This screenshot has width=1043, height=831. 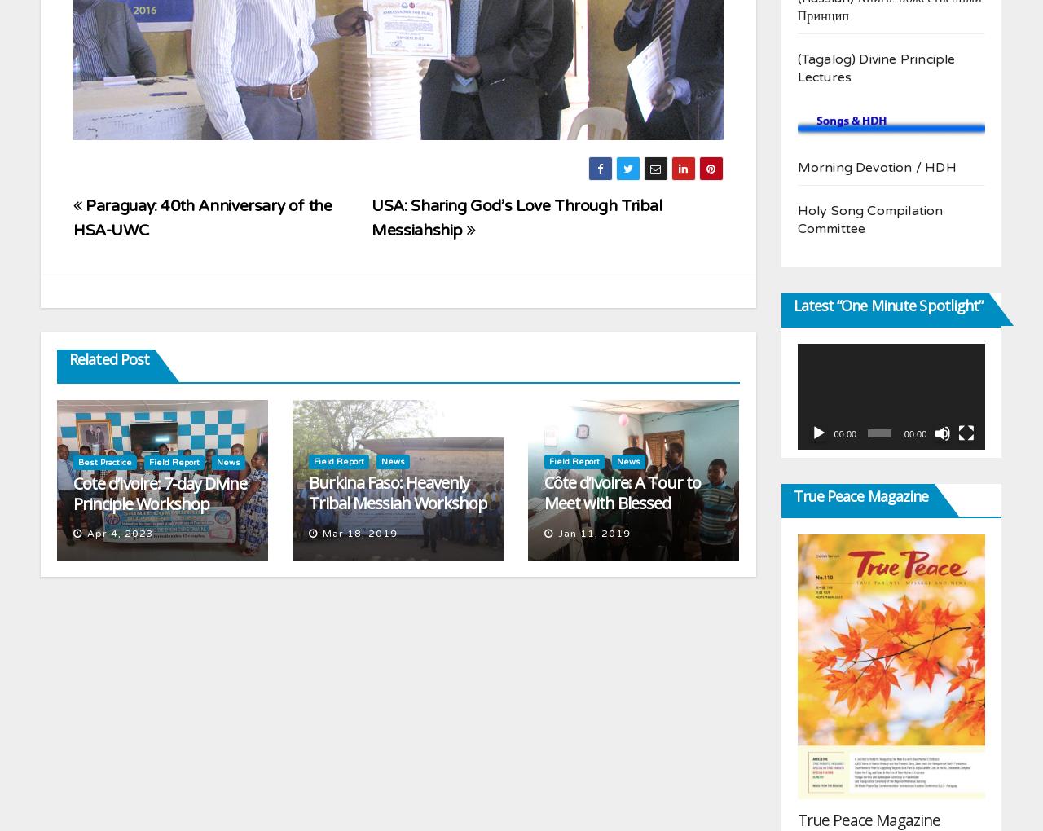 What do you see at coordinates (371, 216) in the screenshot?
I see `'USA: Sharing God’s Love Through Tribal Messiahship'` at bounding box center [371, 216].